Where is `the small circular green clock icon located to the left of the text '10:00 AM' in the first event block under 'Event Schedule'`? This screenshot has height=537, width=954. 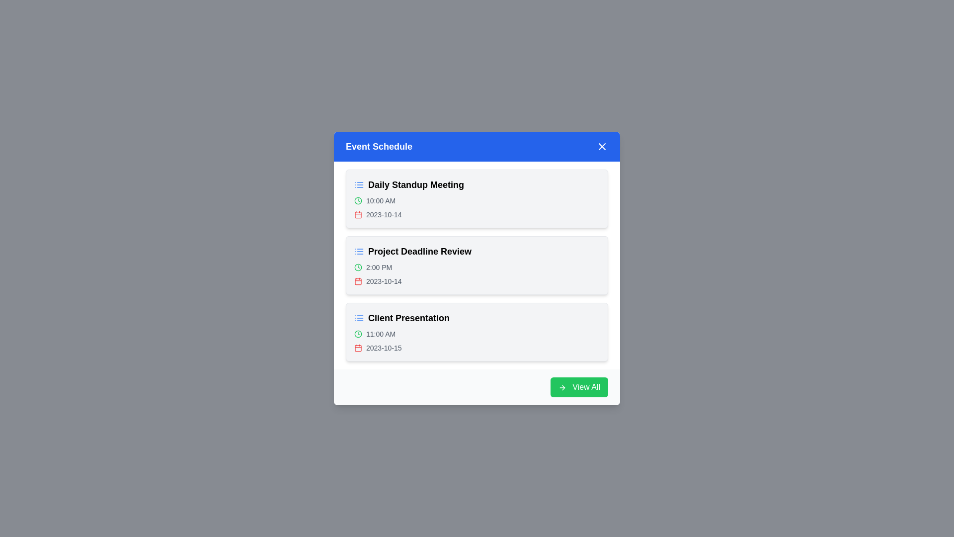 the small circular green clock icon located to the left of the text '10:00 AM' in the first event block under 'Event Schedule' is located at coordinates (358, 201).